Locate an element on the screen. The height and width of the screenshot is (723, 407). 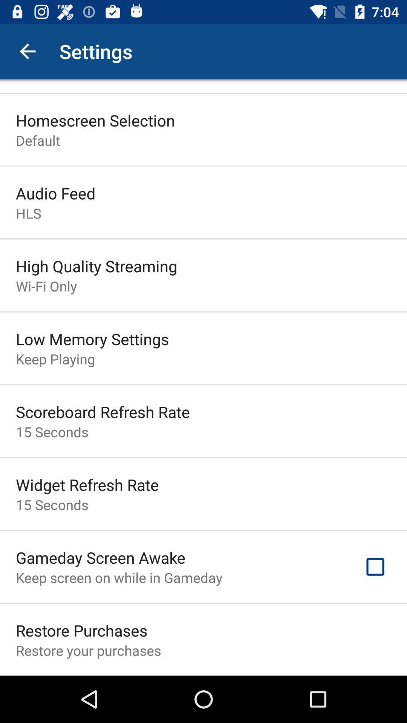
icon at the bottom right corner is located at coordinates (375, 567).